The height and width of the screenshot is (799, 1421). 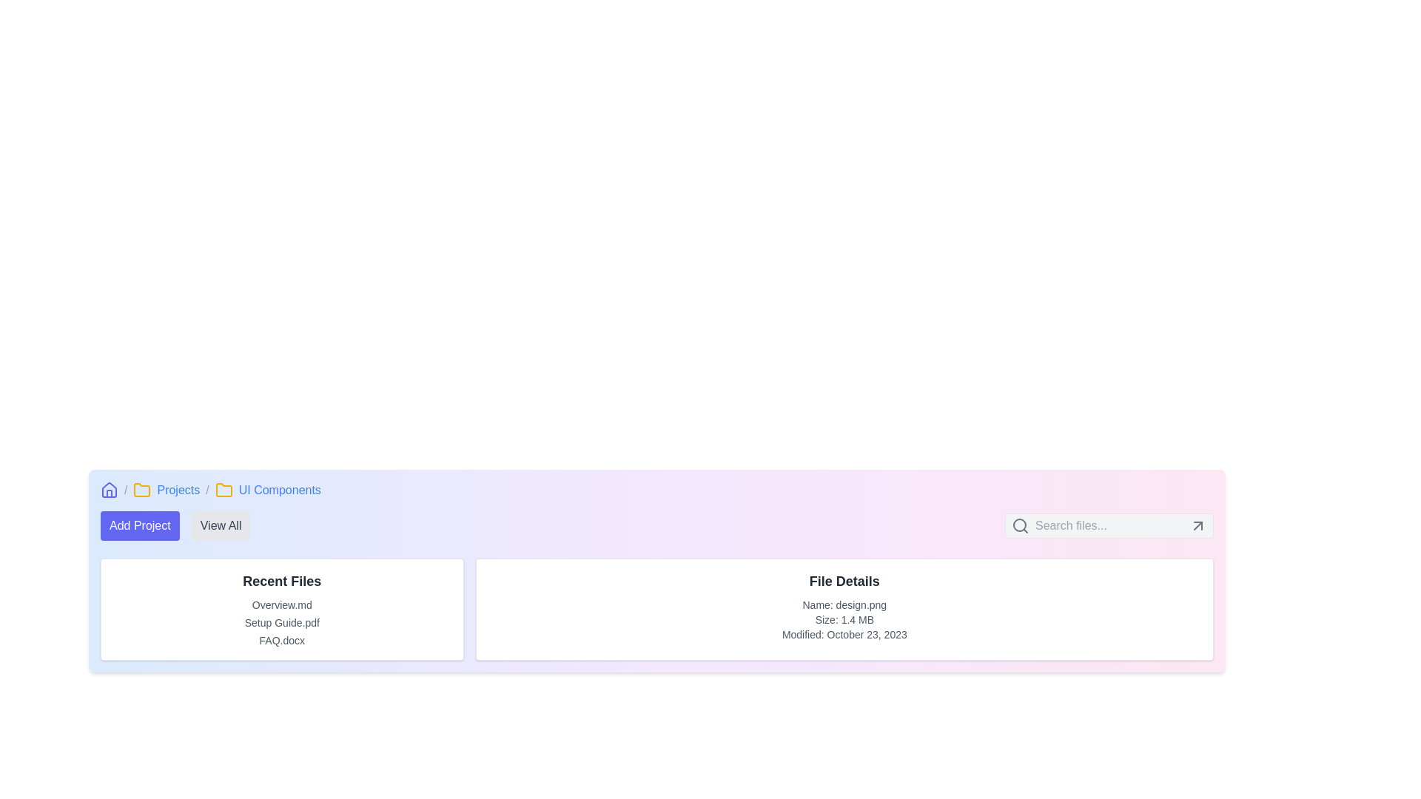 What do you see at coordinates (282, 640) in the screenshot?
I see `the non-interactive text label representing the file named 'FAQ.docx' which is the third item in the 'Recent Files' section` at bounding box center [282, 640].